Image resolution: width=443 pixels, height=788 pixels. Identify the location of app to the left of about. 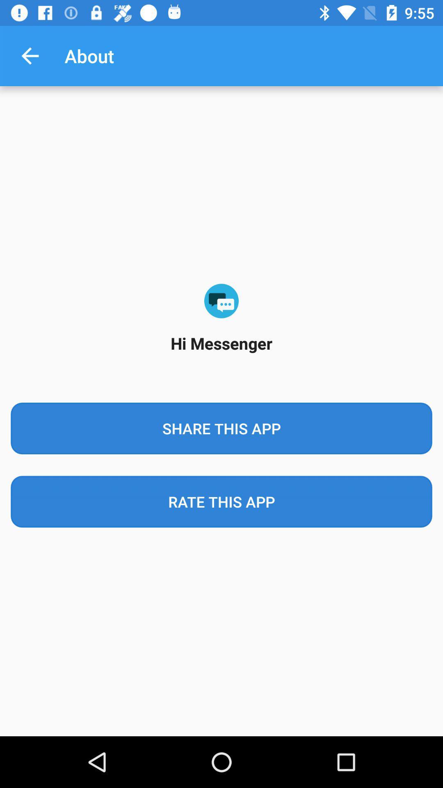
(30, 55).